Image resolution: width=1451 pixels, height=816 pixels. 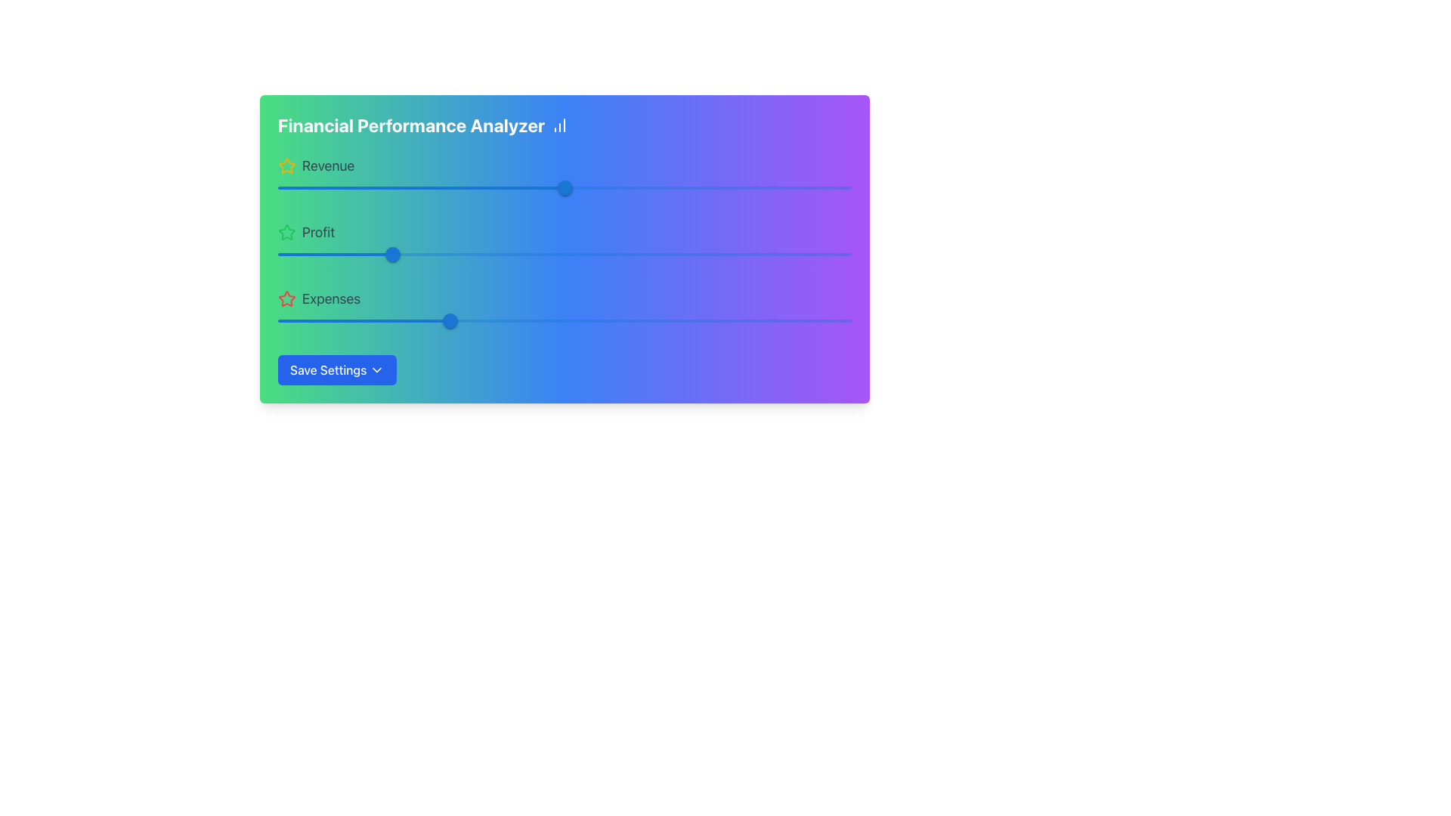 I want to click on slider value, so click(x=391, y=253).